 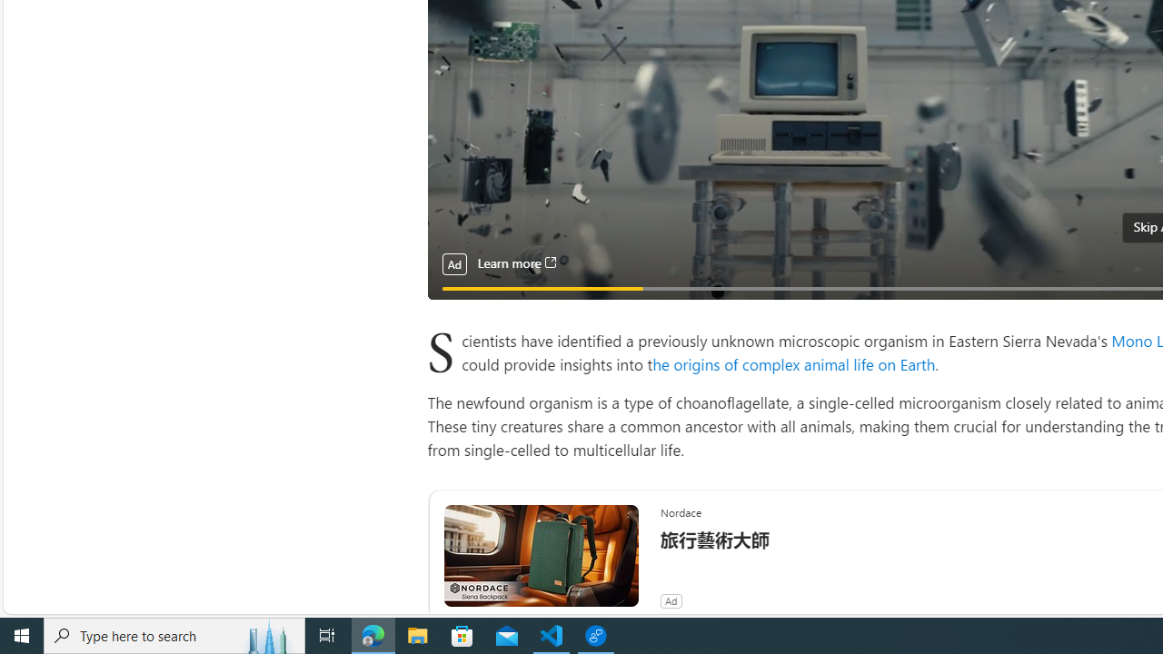 What do you see at coordinates (515, 263) in the screenshot?
I see `'Learn more'` at bounding box center [515, 263].